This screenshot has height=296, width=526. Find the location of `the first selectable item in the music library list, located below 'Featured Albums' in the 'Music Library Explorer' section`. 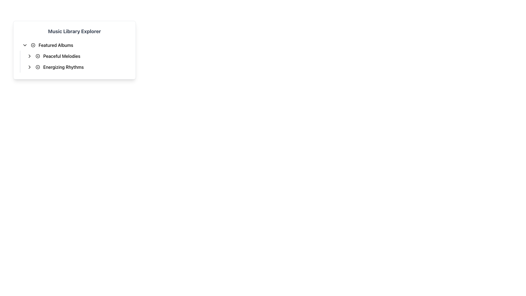

the first selectable item in the music library list, located below 'Featured Albums' in the 'Music Library Explorer' section is located at coordinates (76, 56).